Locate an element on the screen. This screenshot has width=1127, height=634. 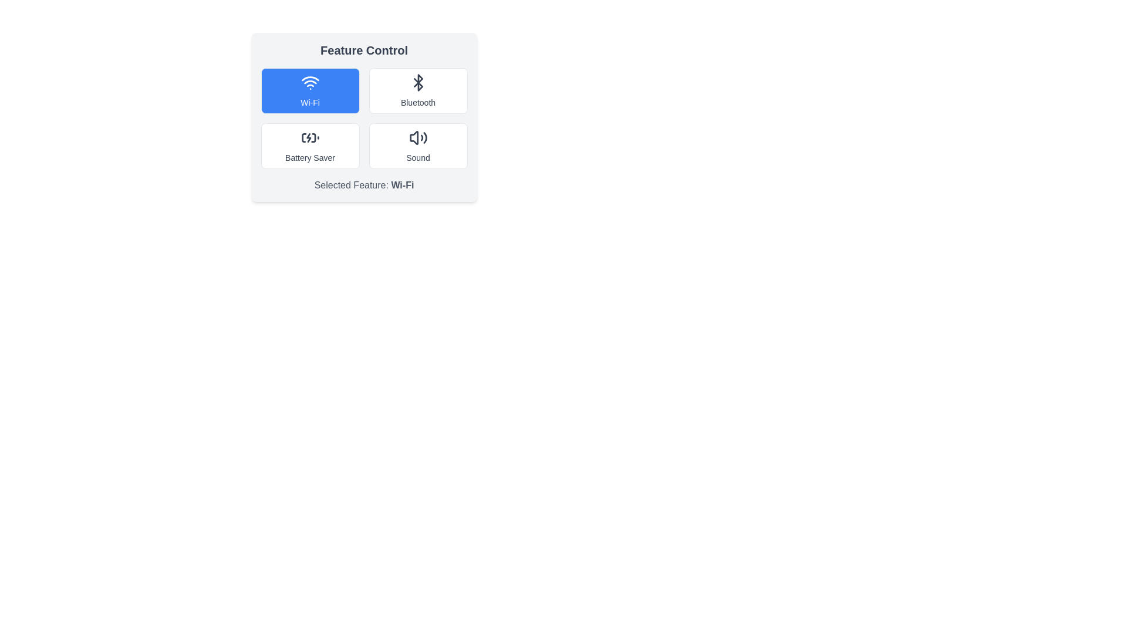
the feature Bluetooth by clicking on its corresponding button is located at coordinates (418, 90).